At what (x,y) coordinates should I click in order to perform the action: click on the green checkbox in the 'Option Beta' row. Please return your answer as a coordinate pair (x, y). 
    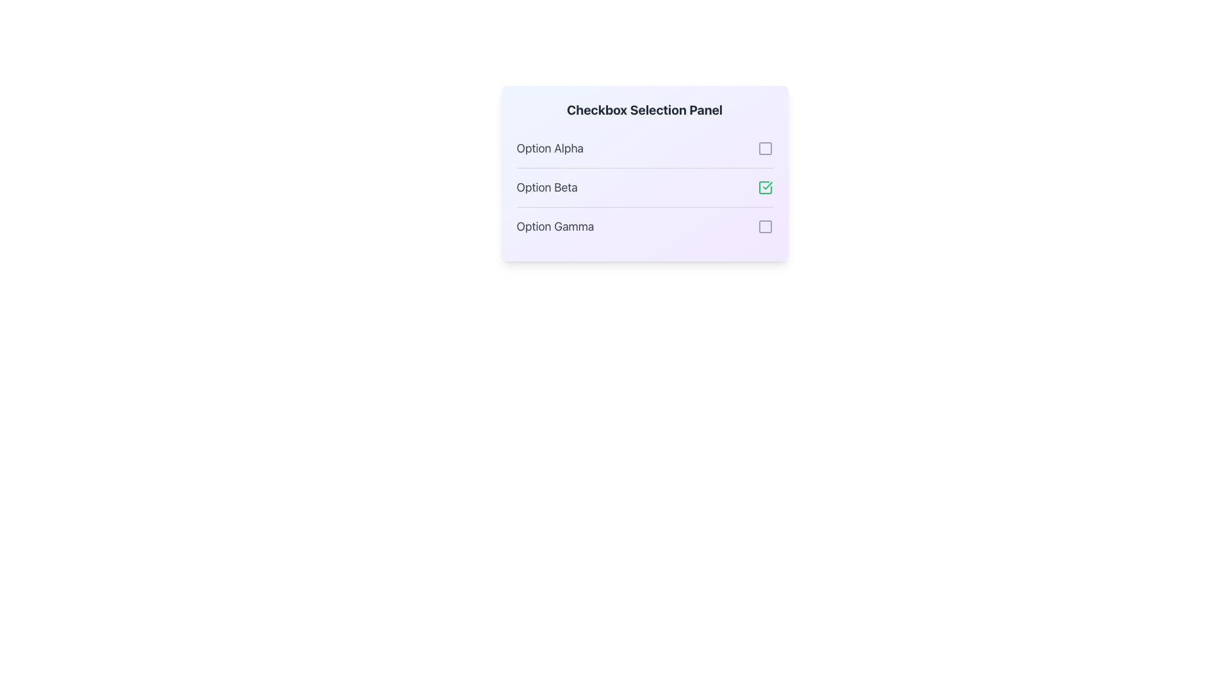
    Looking at the image, I should click on (644, 187).